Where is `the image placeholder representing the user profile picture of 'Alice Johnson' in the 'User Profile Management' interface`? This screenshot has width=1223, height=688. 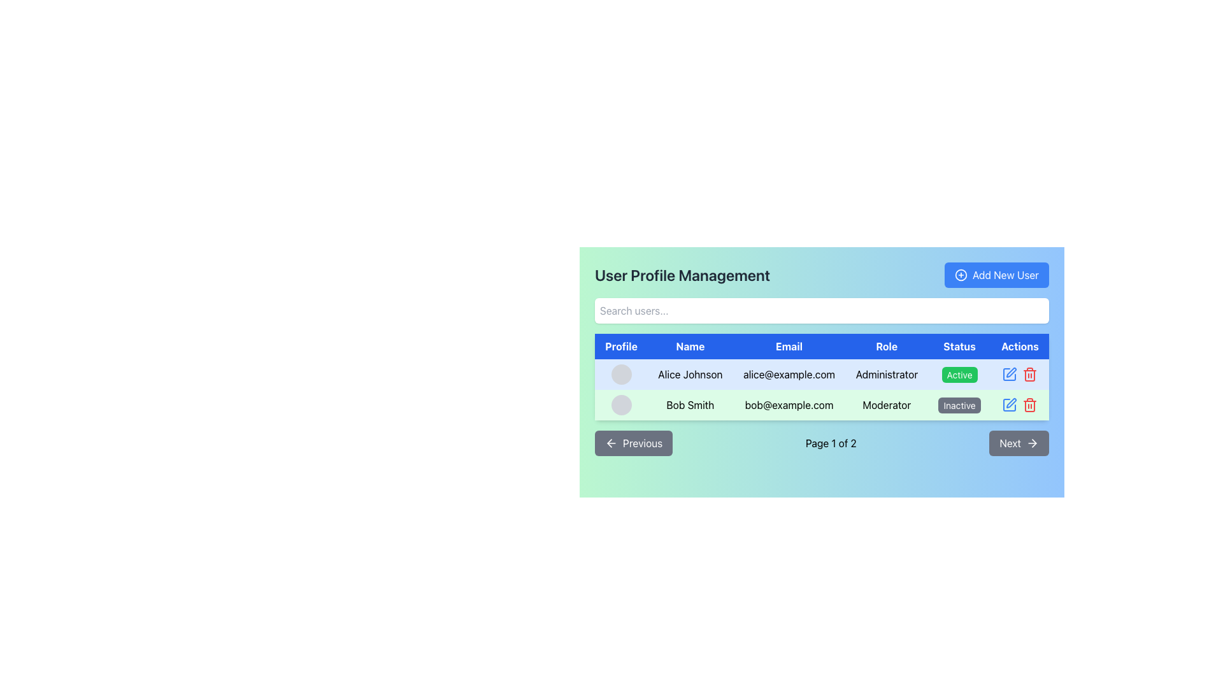 the image placeholder representing the user profile picture of 'Alice Johnson' in the 'User Profile Management' interface is located at coordinates (621, 373).